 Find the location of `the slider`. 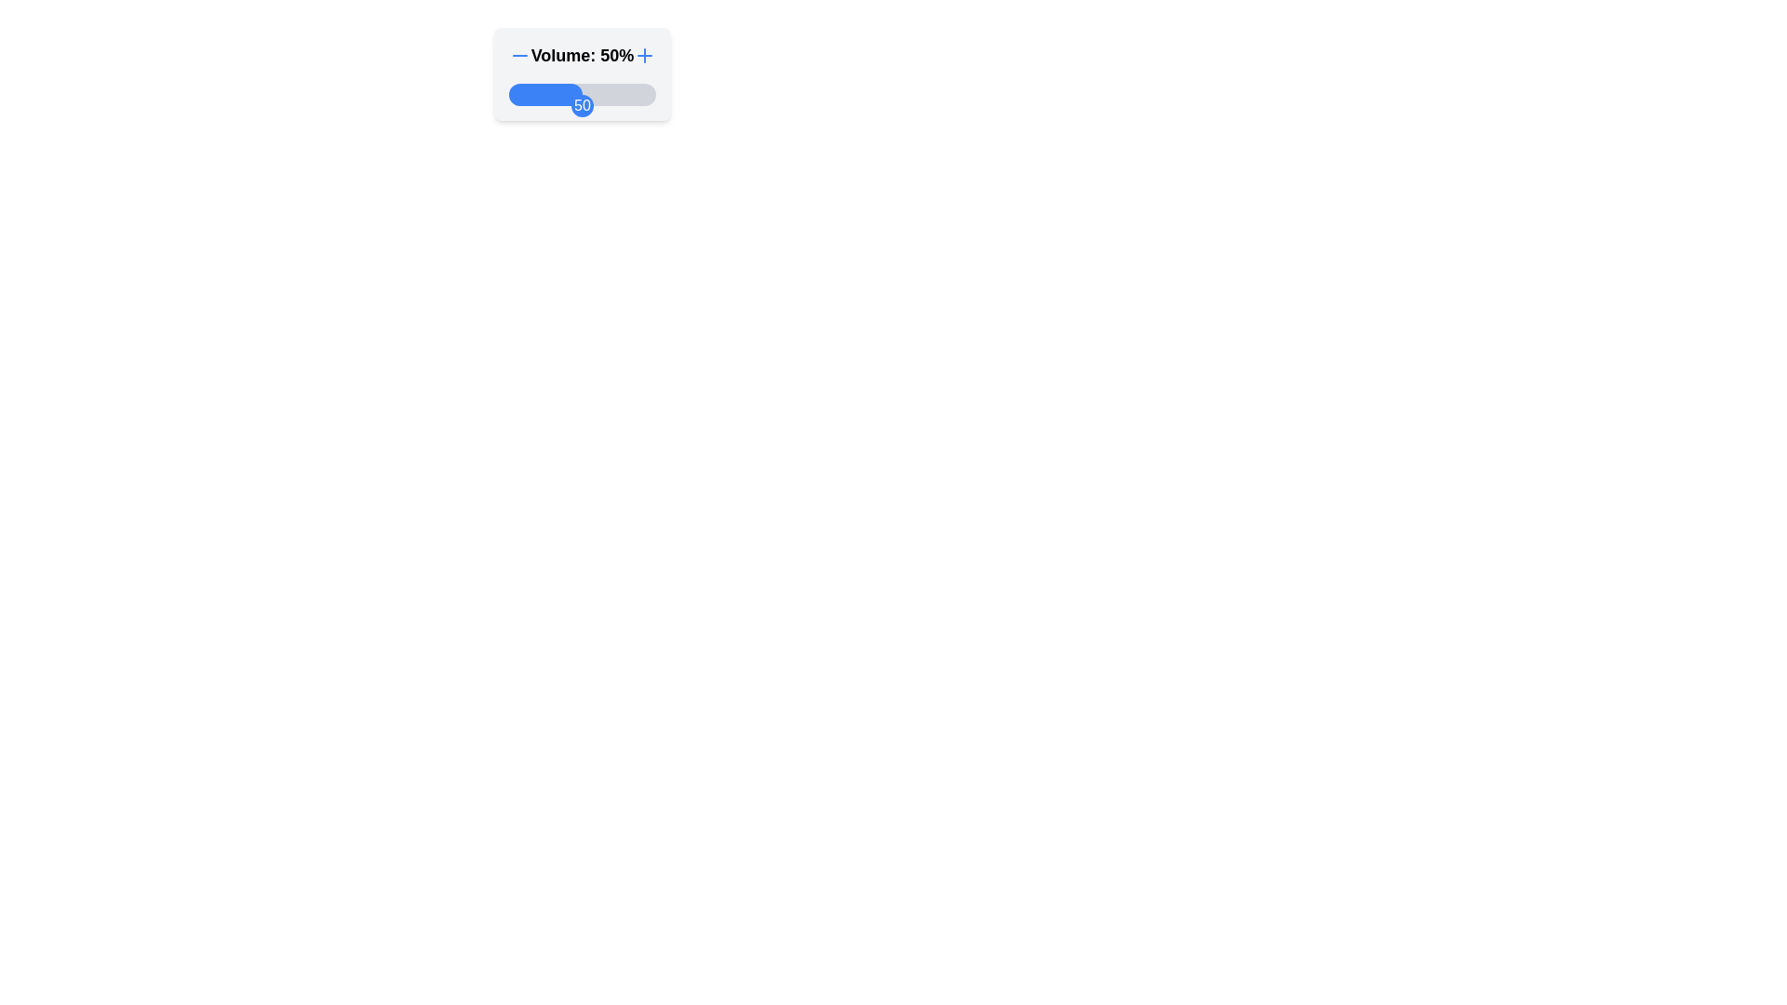

the slider is located at coordinates (646, 94).